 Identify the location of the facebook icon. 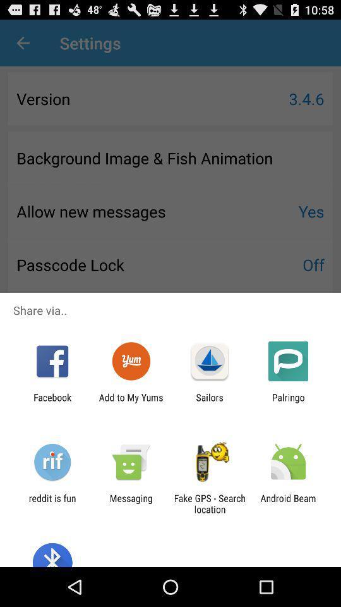
(52, 402).